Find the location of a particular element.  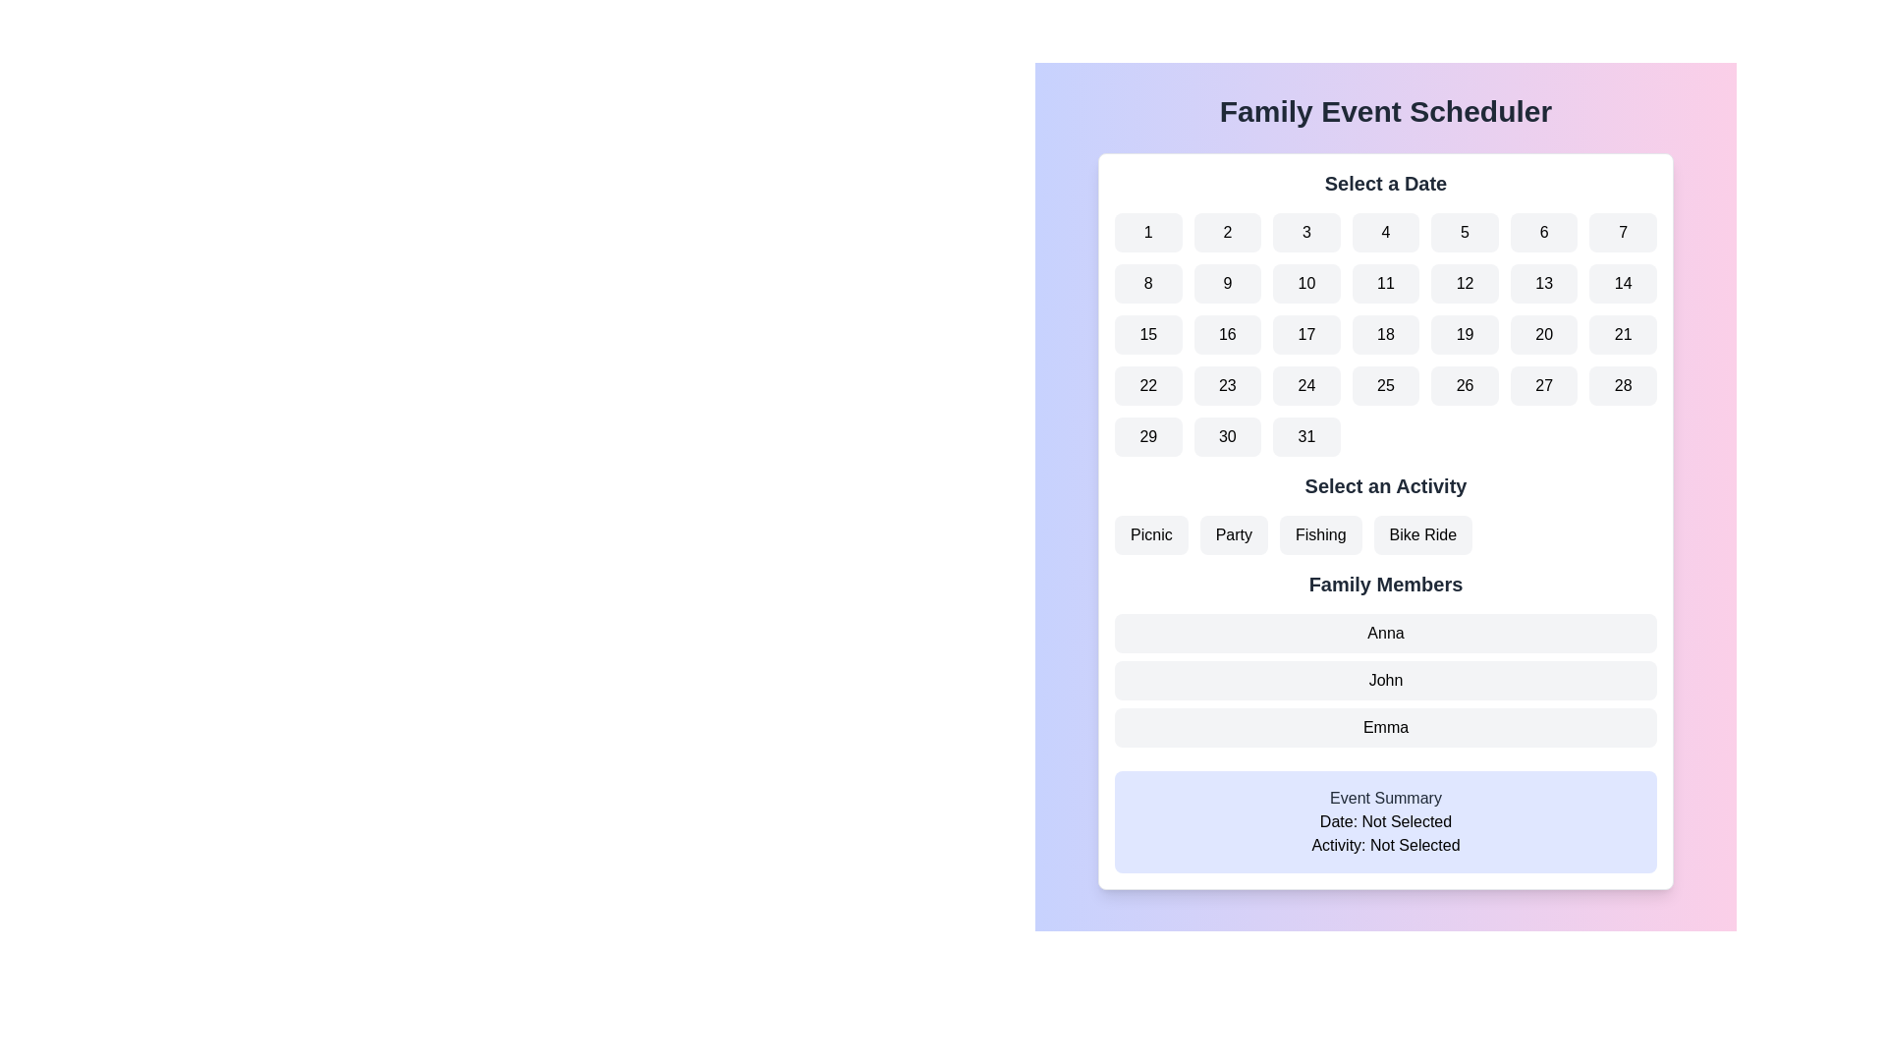

the square button with rounded corners and the number '7' displayed in black is located at coordinates (1623, 231).